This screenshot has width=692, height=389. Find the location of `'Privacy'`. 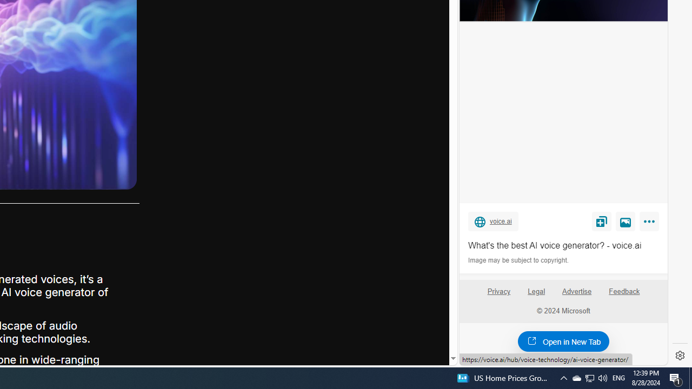

'Privacy' is located at coordinates (498, 291).